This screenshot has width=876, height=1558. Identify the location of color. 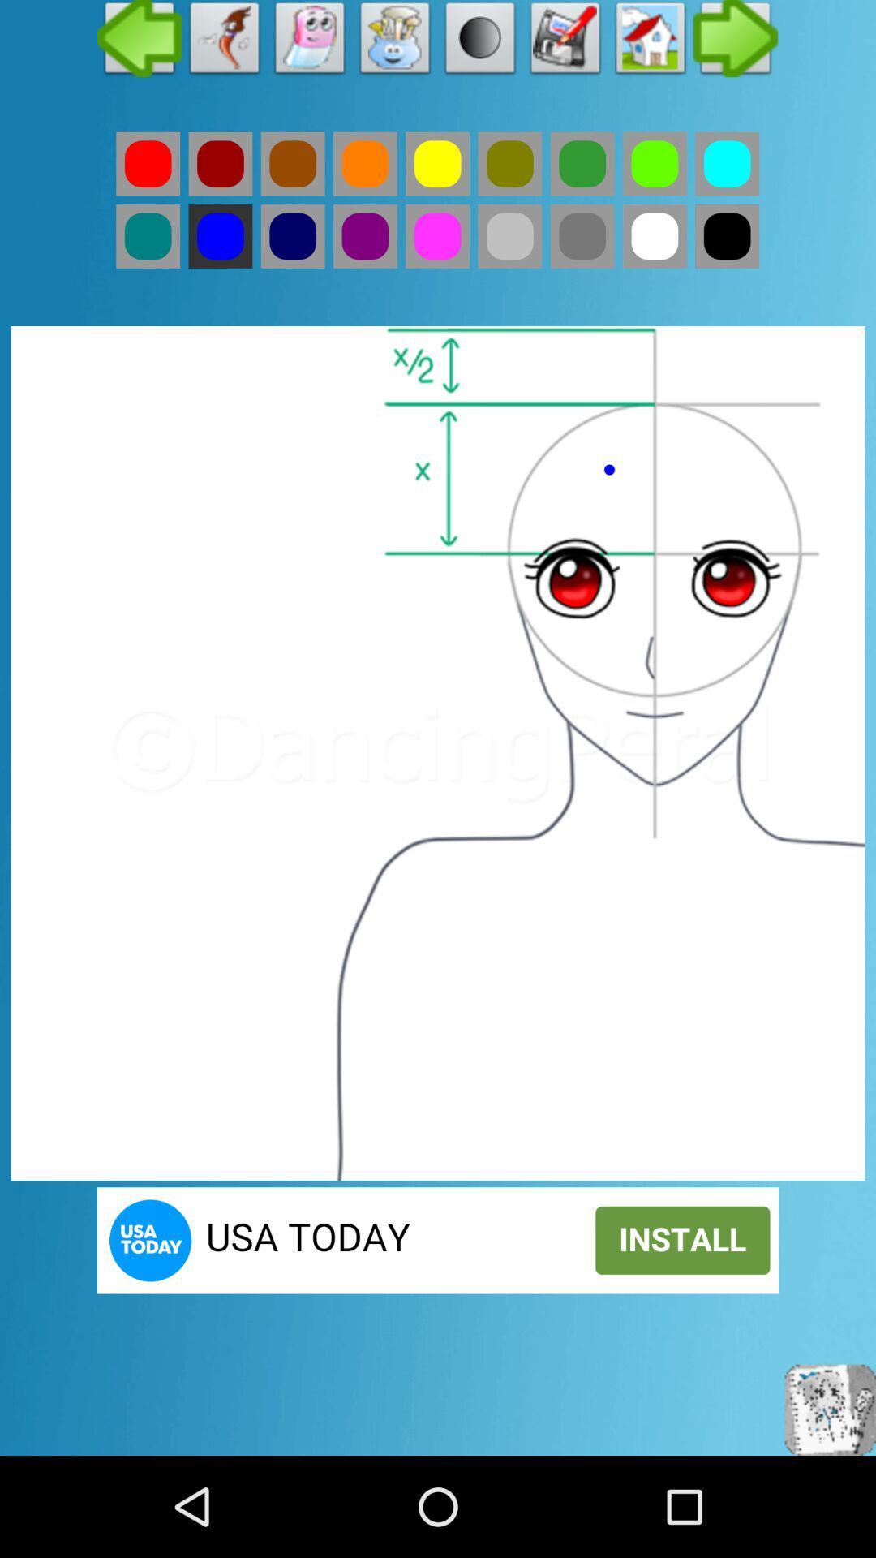
(509, 164).